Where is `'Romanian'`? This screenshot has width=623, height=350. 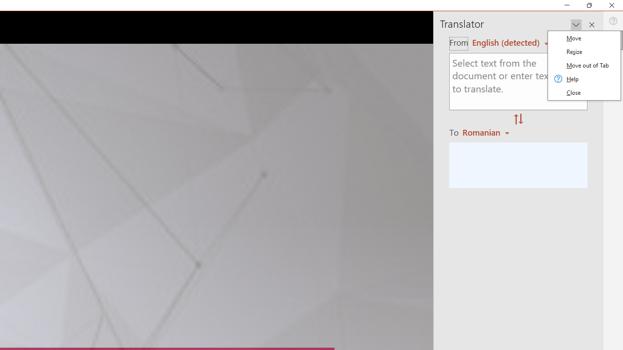
'Romanian' is located at coordinates (487, 132).